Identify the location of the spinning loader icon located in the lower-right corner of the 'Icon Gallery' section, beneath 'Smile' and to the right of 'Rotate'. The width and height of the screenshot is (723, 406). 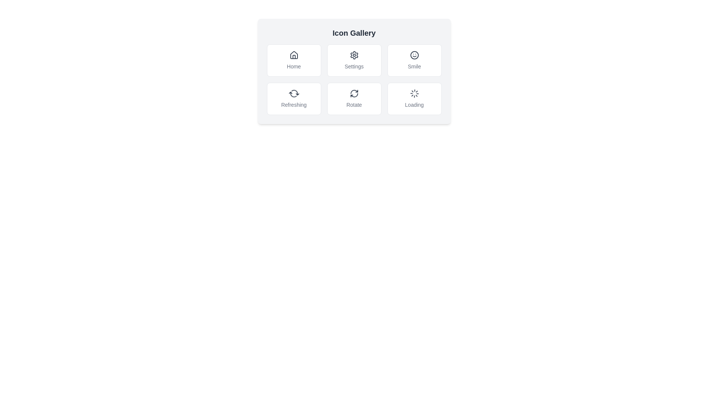
(414, 93).